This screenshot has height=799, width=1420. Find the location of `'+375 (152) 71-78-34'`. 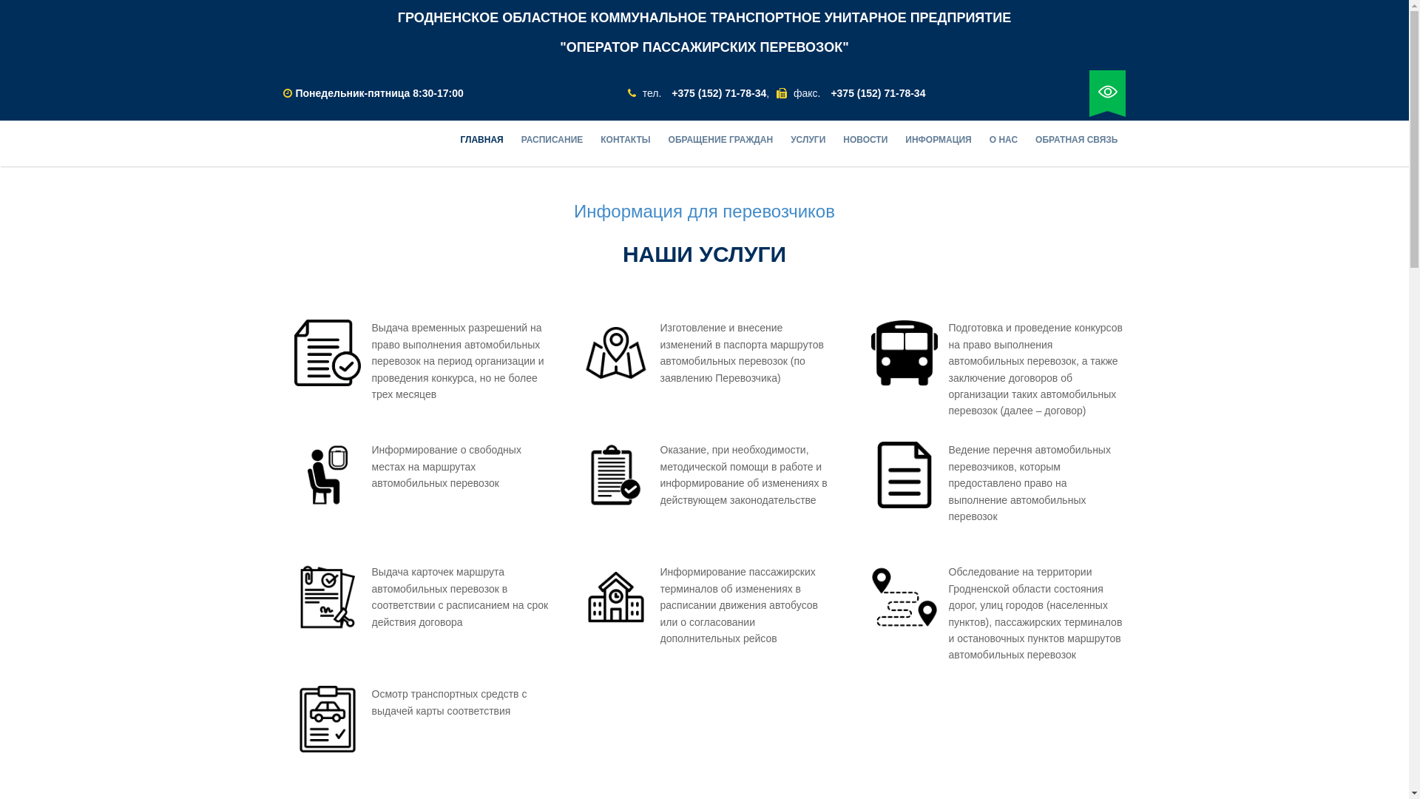

'+375 (152) 71-78-34' is located at coordinates (877, 93).